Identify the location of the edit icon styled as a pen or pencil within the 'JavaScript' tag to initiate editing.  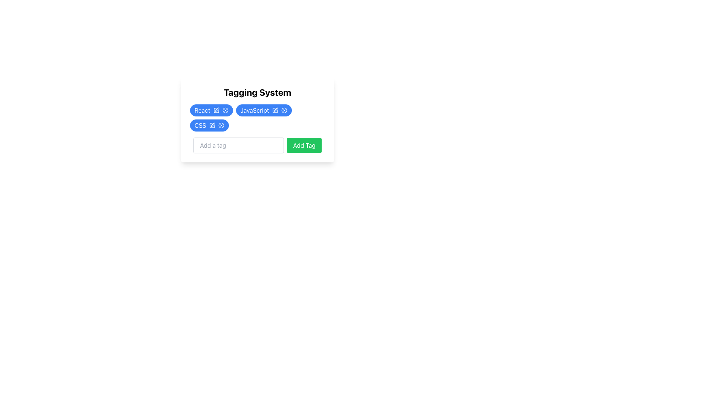
(275, 109).